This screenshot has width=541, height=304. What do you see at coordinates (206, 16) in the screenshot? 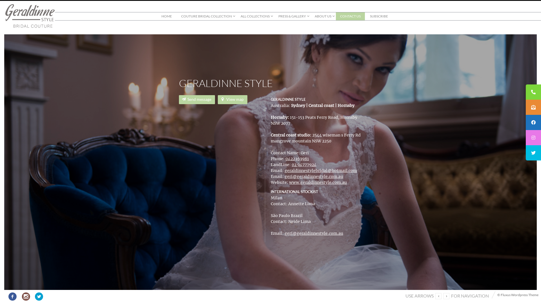
I see `'COUTURE BRIDAL COLLECTION'` at bounding box center [206, 16].